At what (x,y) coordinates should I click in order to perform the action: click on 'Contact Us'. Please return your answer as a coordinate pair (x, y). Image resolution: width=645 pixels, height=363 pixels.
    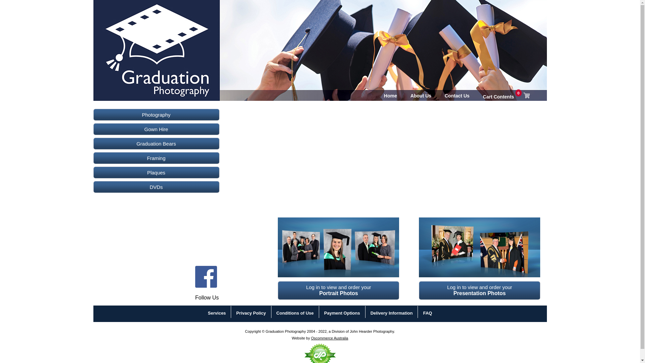
    Looking at the image, I should click on (457, 96).